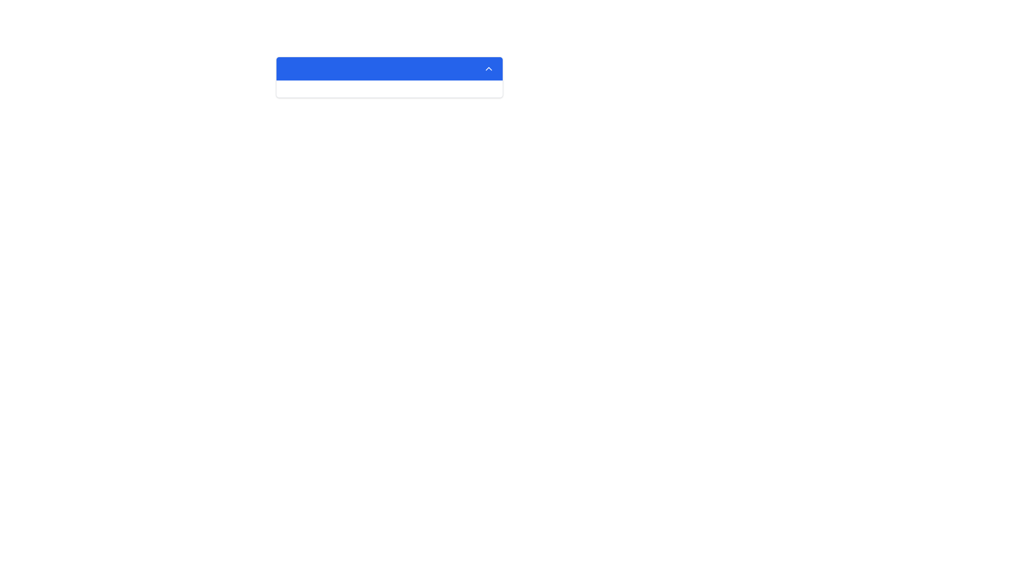 This screenshot has width=1017, height=572. What do you see at coordinates (488, 69) in the screenshot?
I see `the upward-facing chevron icon located on the far right of the blue header bar` at bounding box center [488, 69].